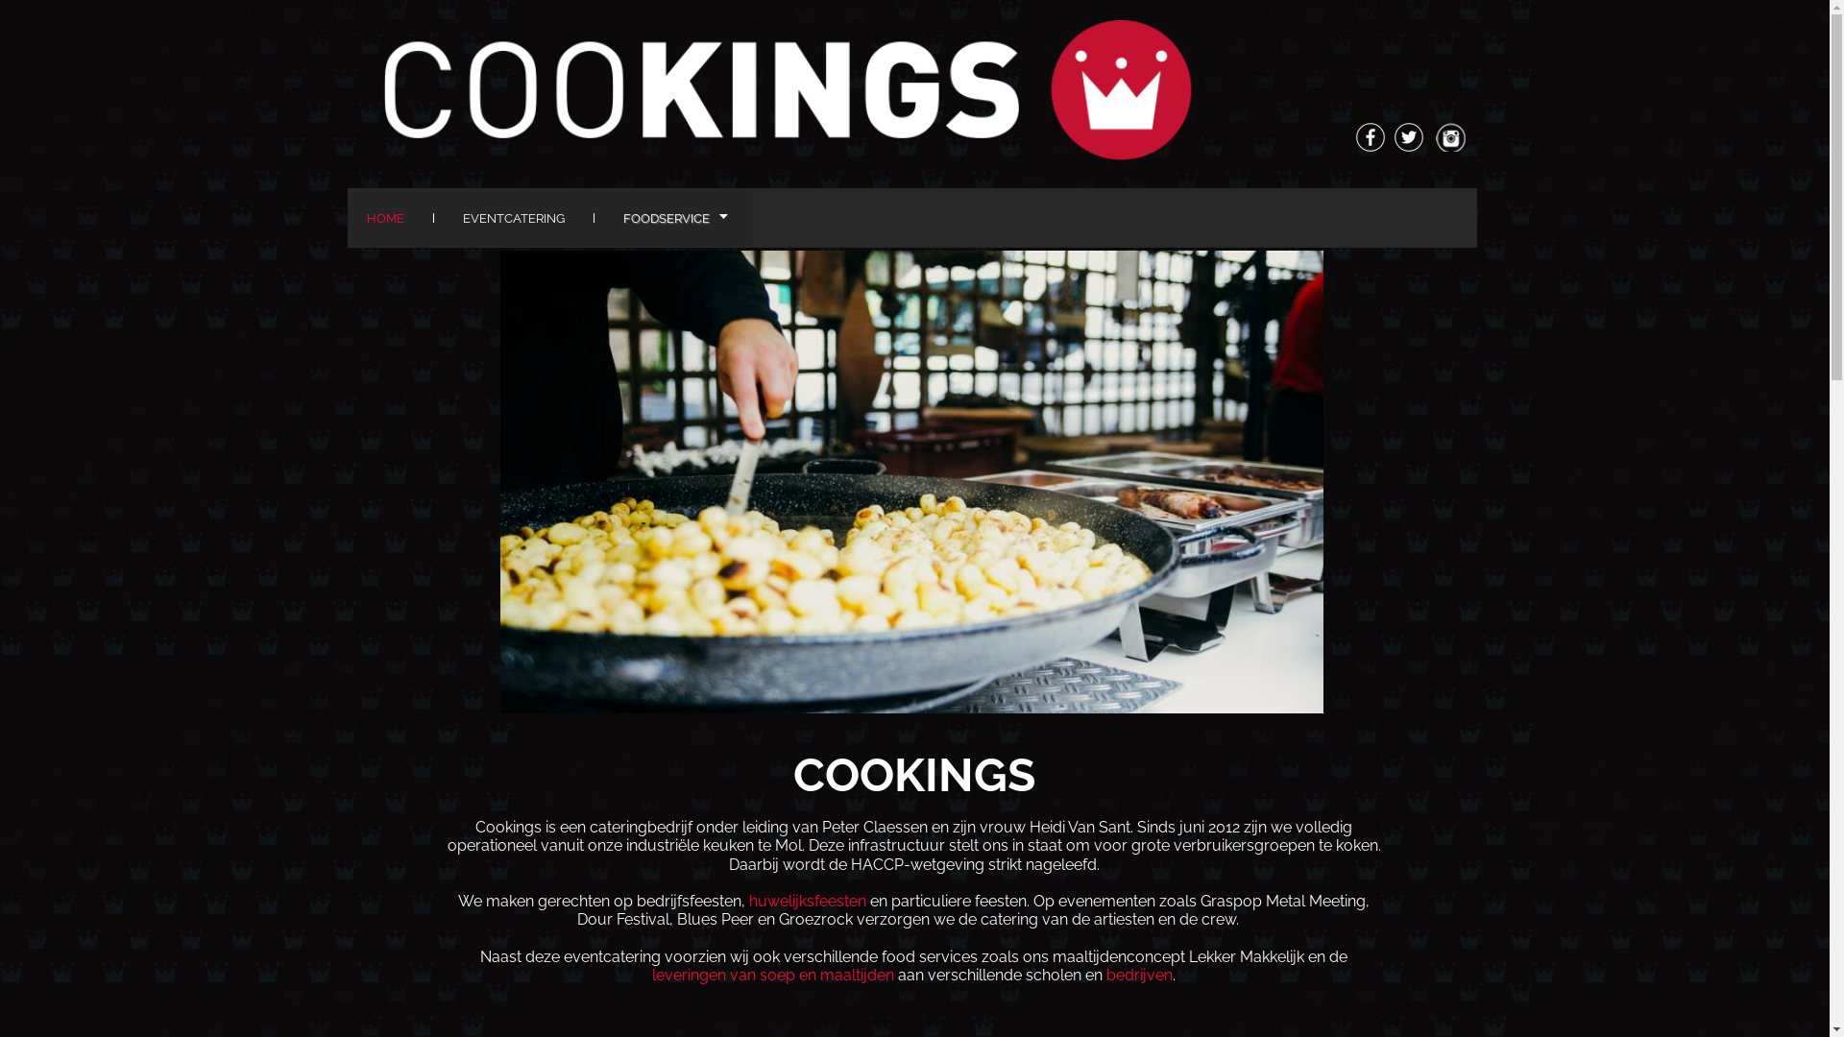 The height and width of the screenshot is (1037, 1844). I want to click on 'EVENTCATERING', so click(513, 217).